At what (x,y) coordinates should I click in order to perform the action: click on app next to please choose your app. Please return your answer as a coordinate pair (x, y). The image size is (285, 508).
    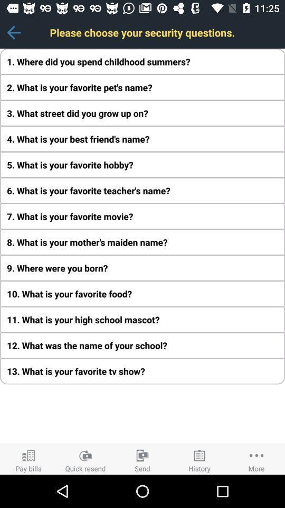
    Looking at the image, I should click on (13, 32).